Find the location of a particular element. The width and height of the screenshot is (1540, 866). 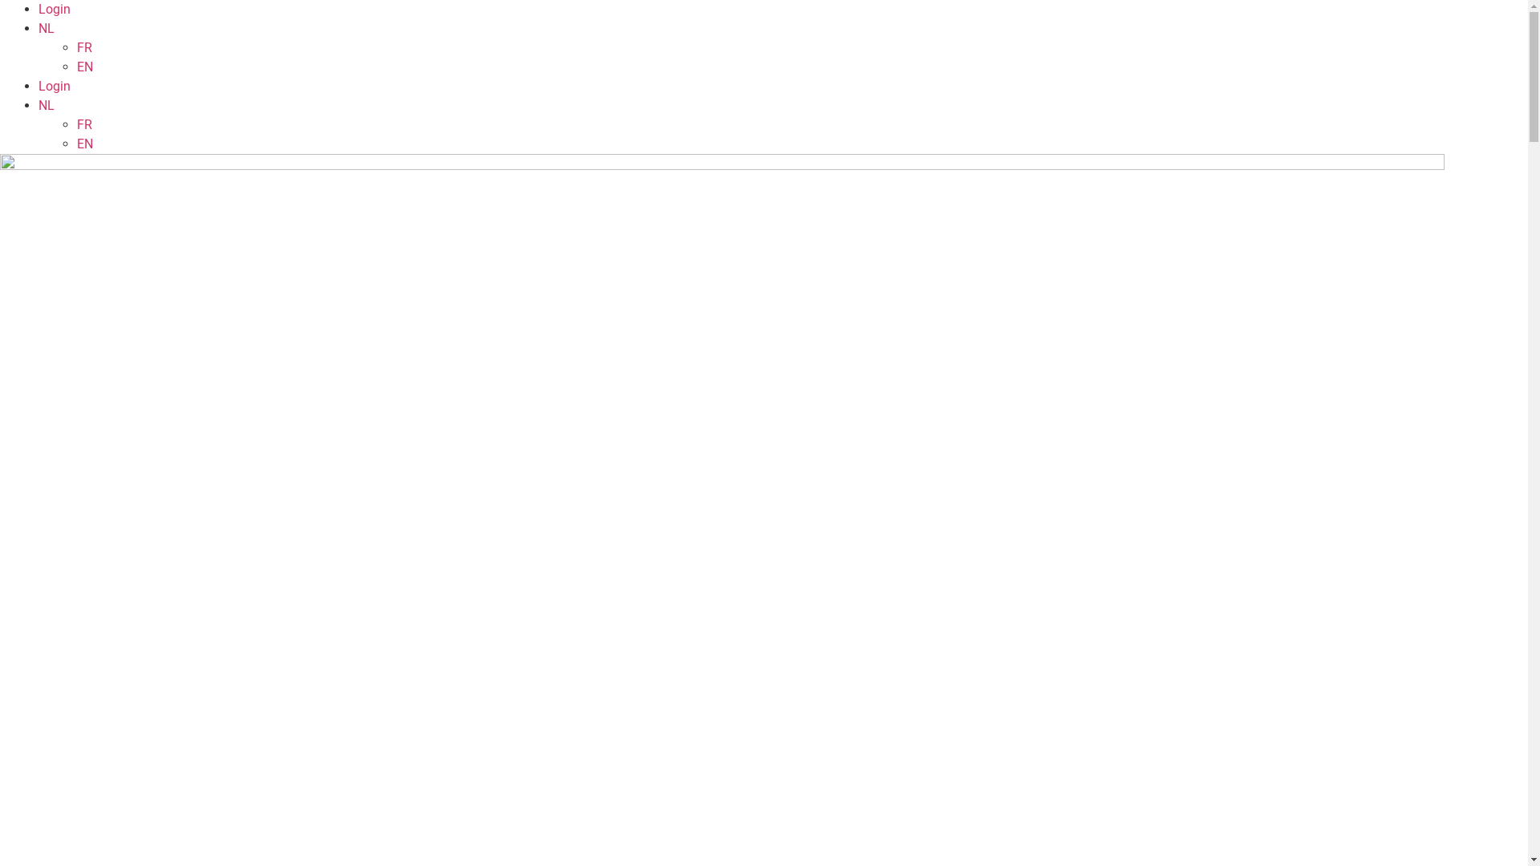

'FR' is located at coordinates (76, 47).